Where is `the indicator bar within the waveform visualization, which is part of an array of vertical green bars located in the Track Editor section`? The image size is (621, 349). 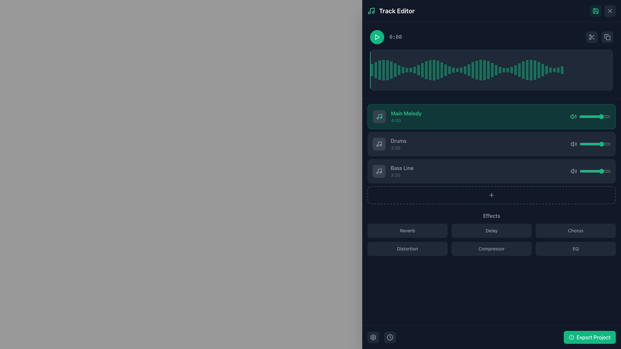
the indicator bar within the waveform visualization, which is part of an array of vertical green bars located in the Track Editor section is located at coordinates (449, 70).